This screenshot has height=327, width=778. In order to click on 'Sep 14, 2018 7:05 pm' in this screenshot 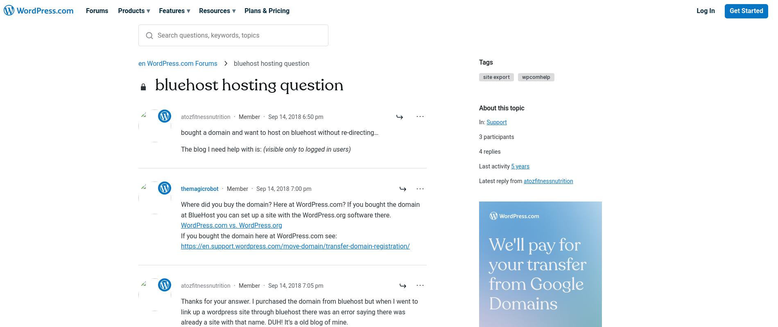, I will do `click(295, 285)`.